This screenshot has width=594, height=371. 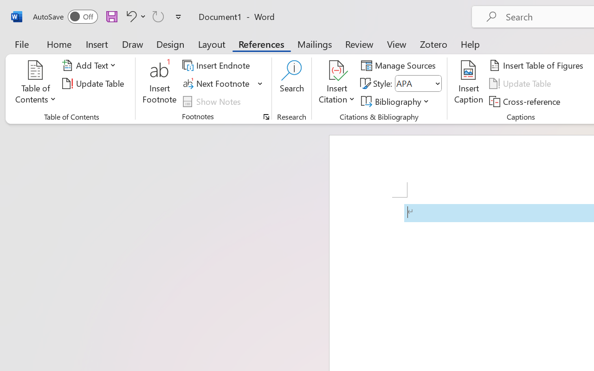 What do you see at coordinates (160, 83) in the screenshot?
I see `'Insert Footnote'` at bounding box center [160, 83].